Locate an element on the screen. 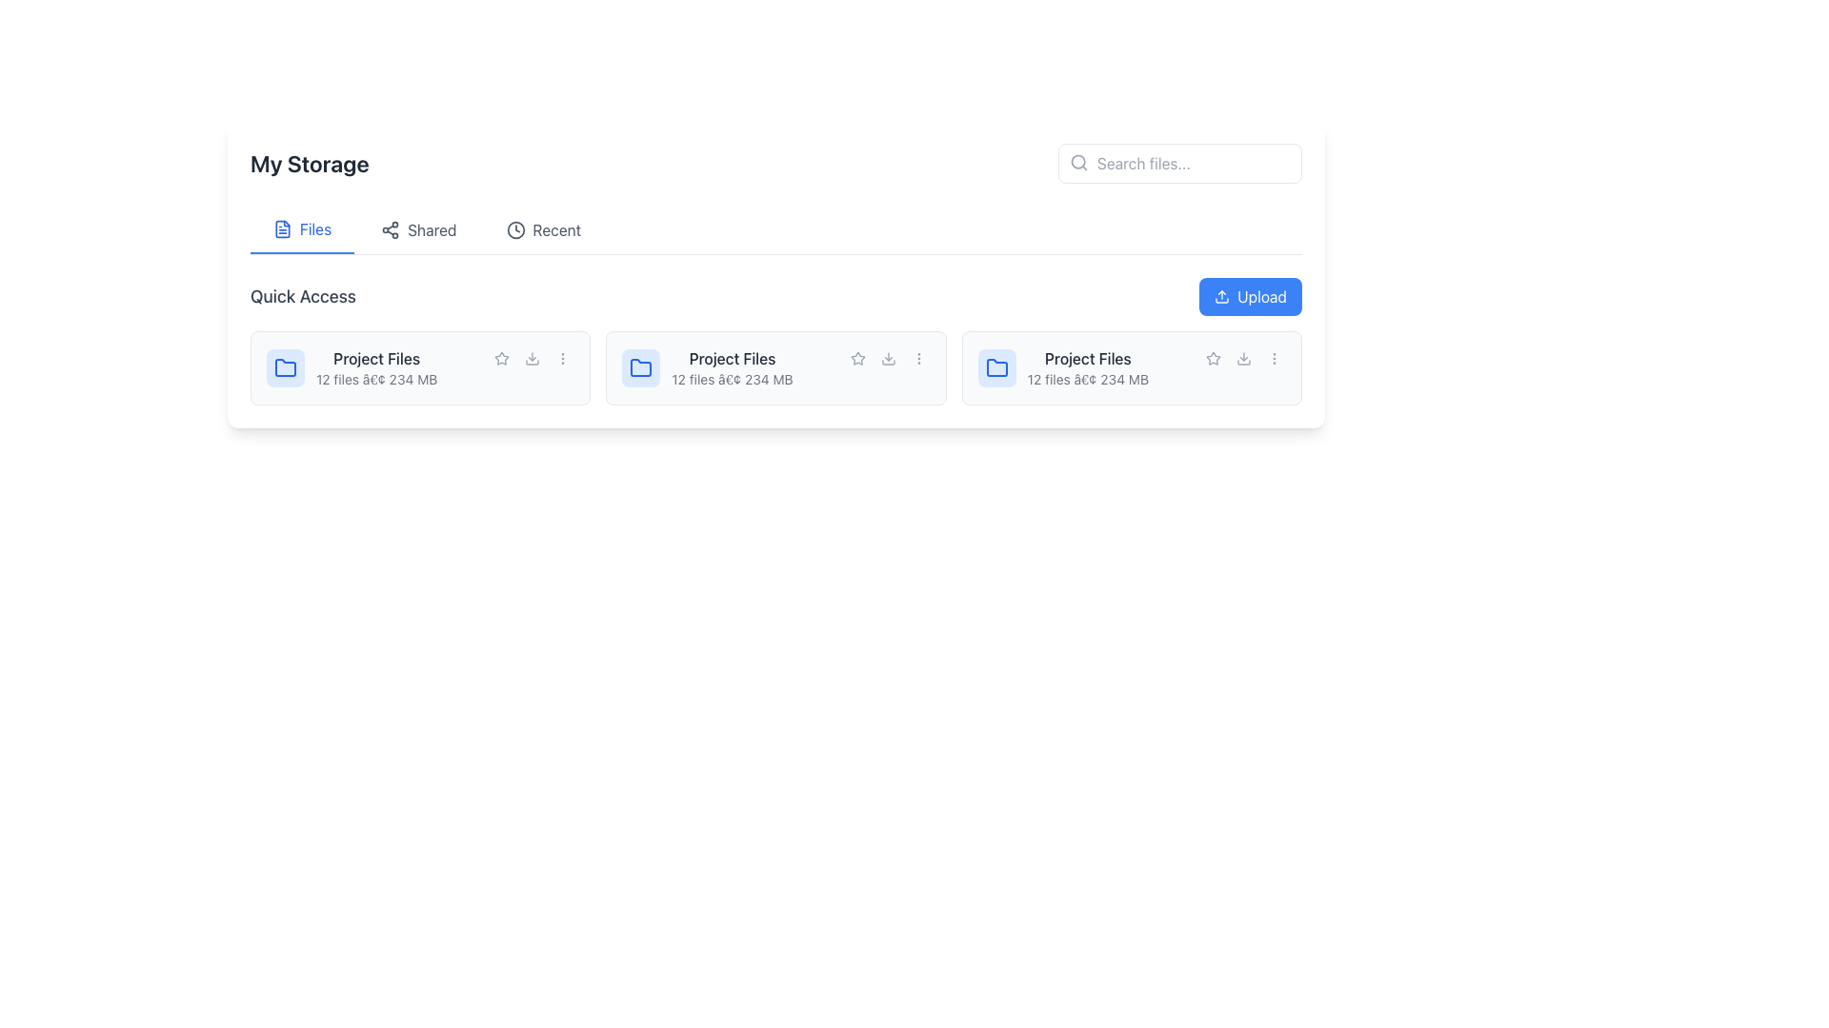 The image size is (1829, 1028). the 'Files' tab located beneath the 'My Storage' heading is located at coordinates (301, 229).